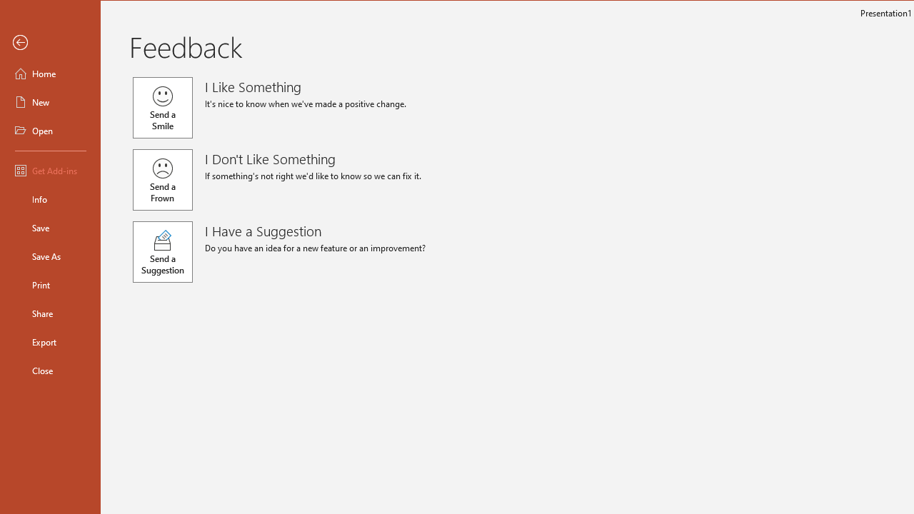 The image size is (914, 514). I want to click on 'Save As', so click(51, 255).